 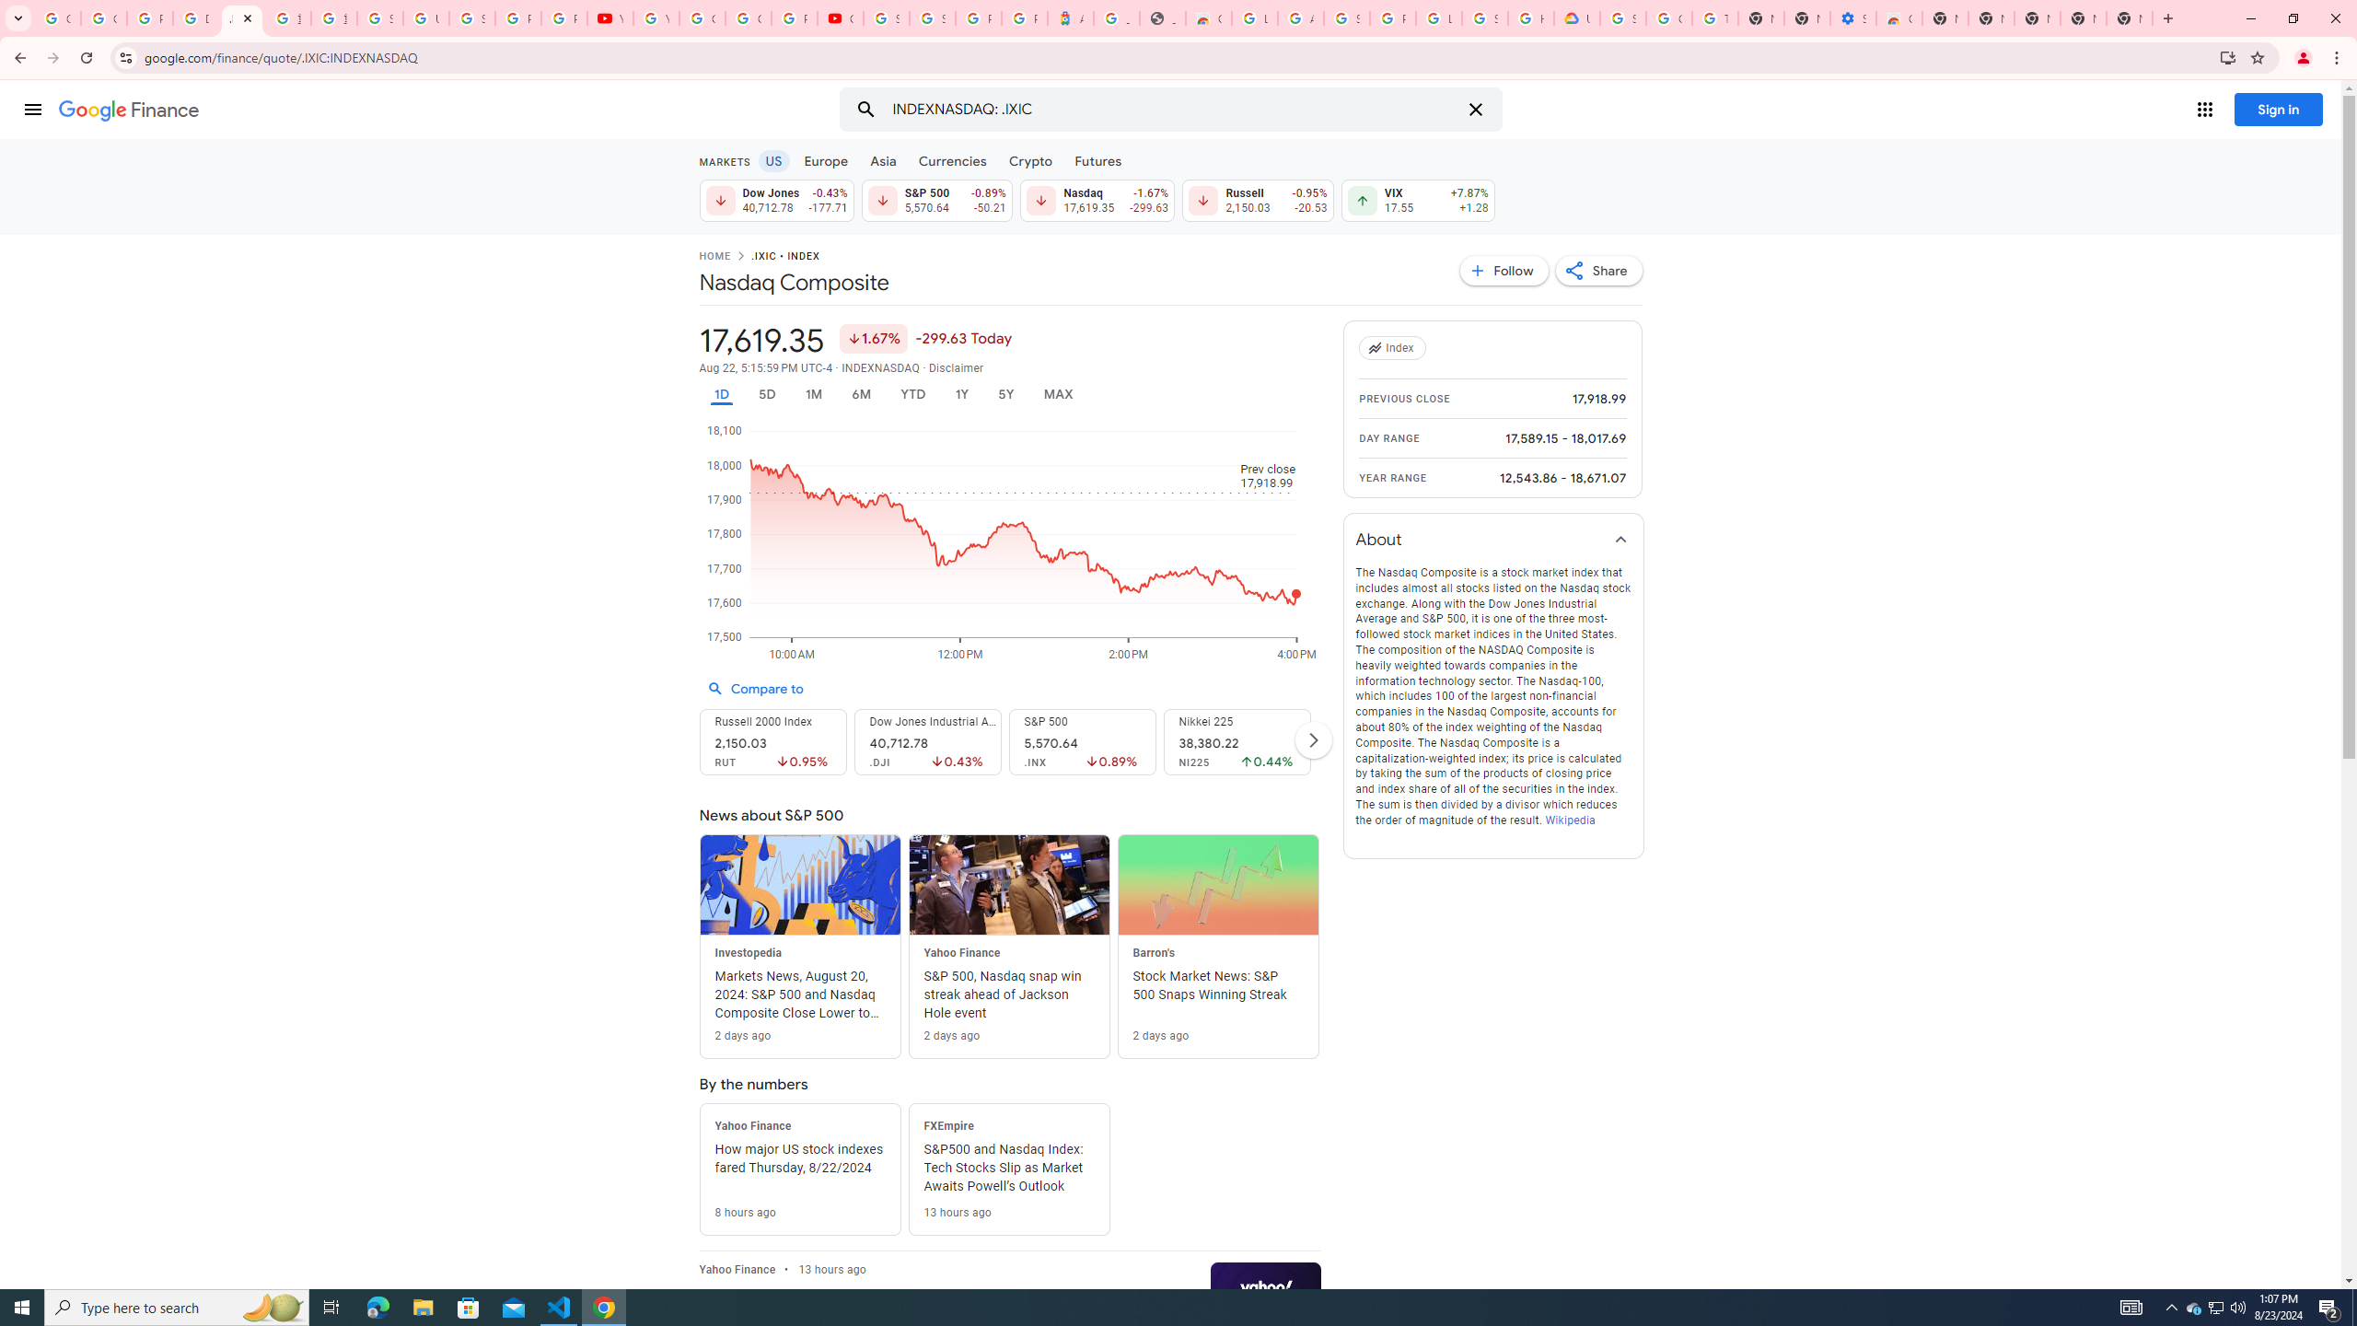 I want to click on '5Y', so click(x=1005, y=394).